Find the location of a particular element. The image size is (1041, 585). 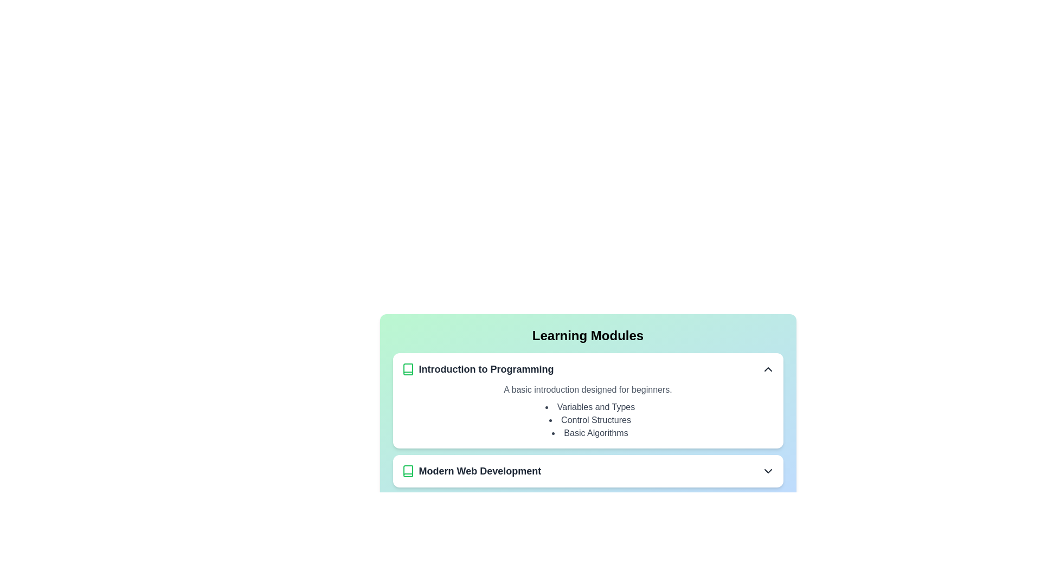

text of the bulleted list containing 'Variables and Types,' 'Control Structures,' and 'Basic Algorithms' located in the 'Introduction to Programming' section is located at coordinates (587, 419).